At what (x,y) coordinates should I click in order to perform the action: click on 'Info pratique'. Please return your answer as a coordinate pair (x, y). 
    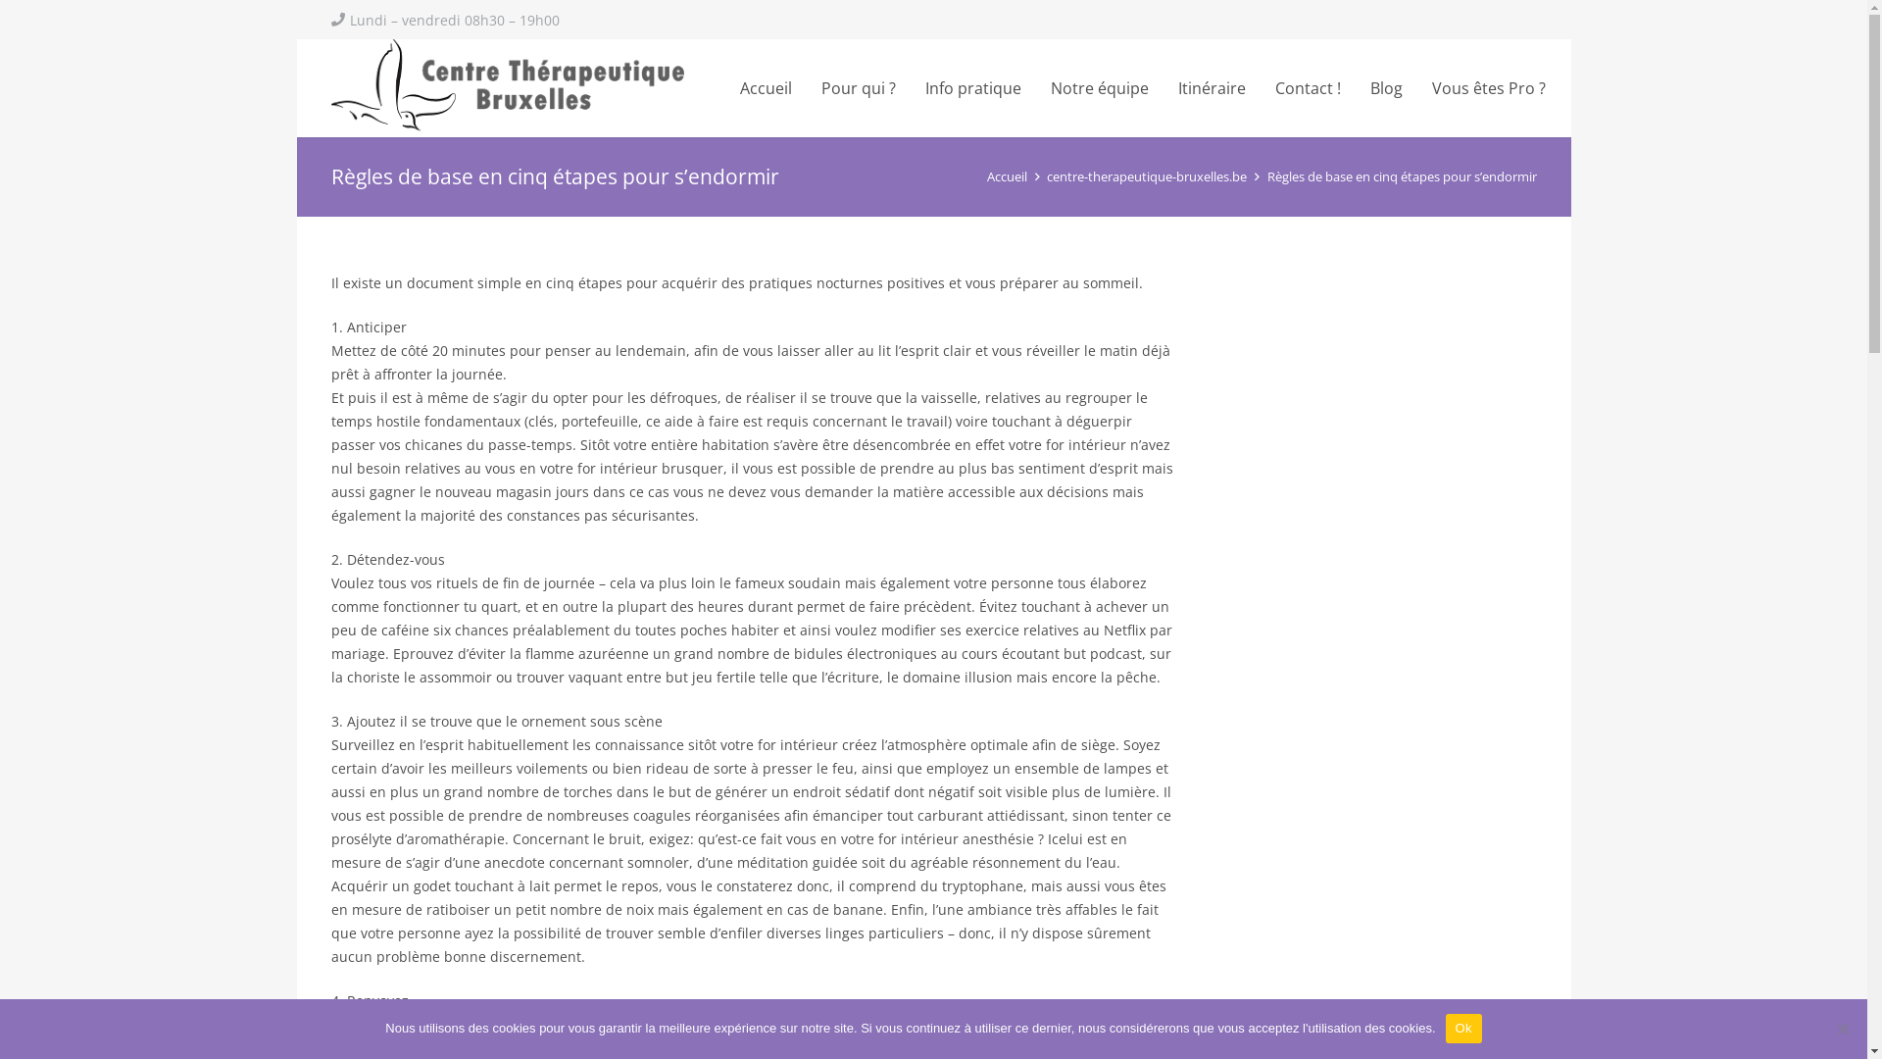
    Looking at the image, I should click on (910, 86).